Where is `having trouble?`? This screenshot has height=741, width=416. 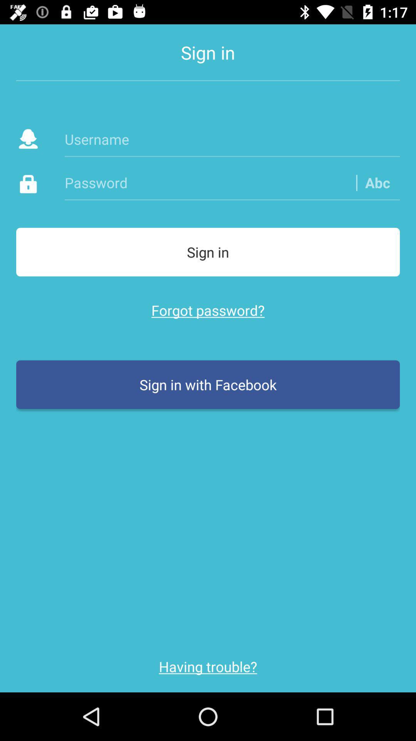
having trouble? is located at coordinates (208, 666).